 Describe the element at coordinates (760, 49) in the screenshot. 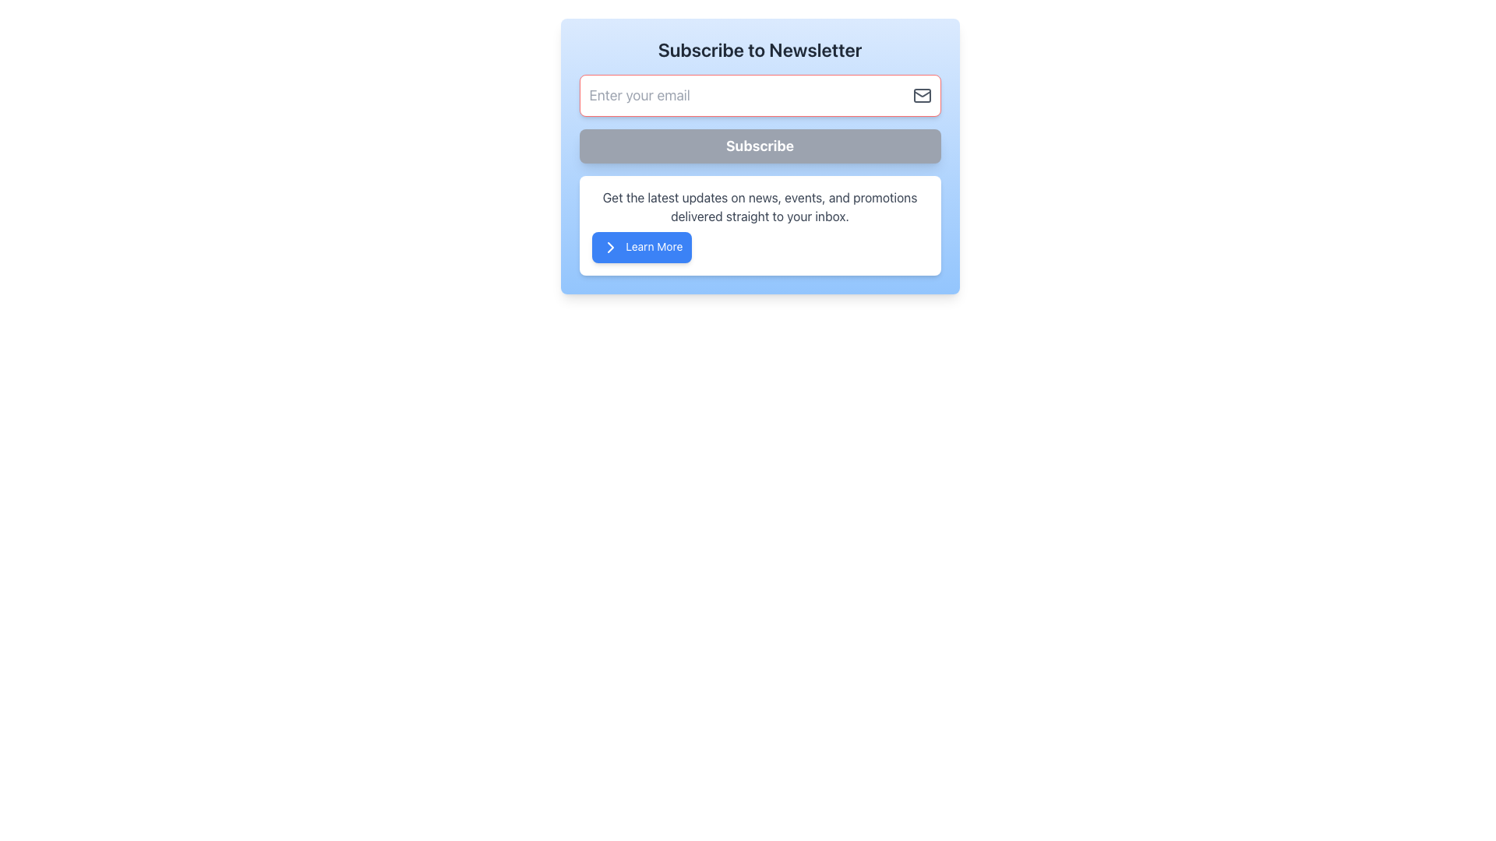

I see `prominent heading text 'Subscribe to Newsletter' located at the top of the light blue rectangle interface, which is horizontally centered and above the email input field` at that location.